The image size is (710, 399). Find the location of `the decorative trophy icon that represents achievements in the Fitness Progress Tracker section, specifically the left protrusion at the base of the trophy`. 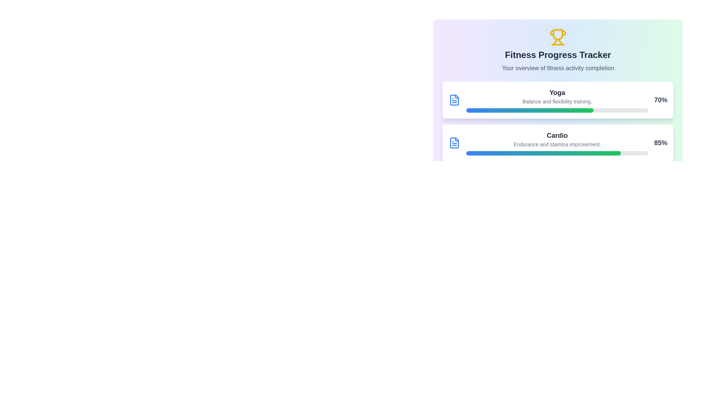

the decorative trophy icon that represents achievements in the Fitness Progress Tracker section, specifically the left protrusion at the base of the trophy is located at coordinates (552, 33).